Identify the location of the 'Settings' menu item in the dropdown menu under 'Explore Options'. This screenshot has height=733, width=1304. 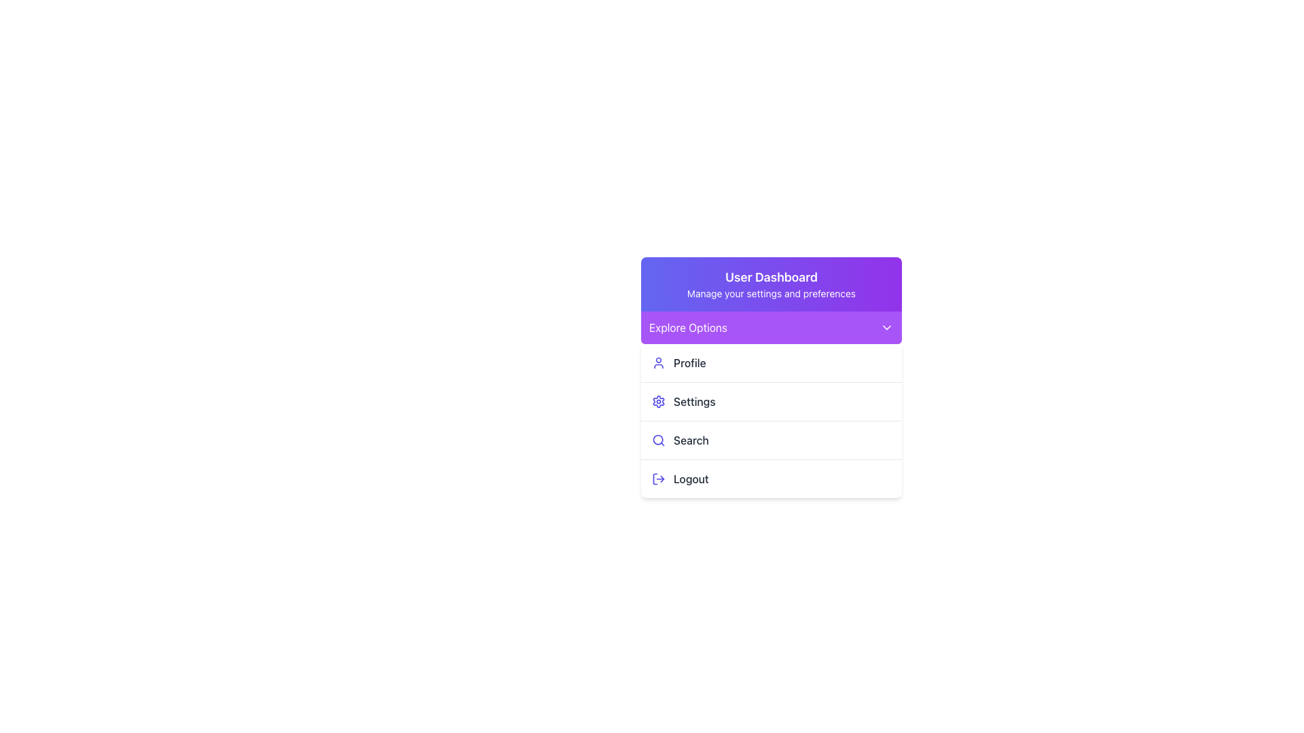
(772, 420).